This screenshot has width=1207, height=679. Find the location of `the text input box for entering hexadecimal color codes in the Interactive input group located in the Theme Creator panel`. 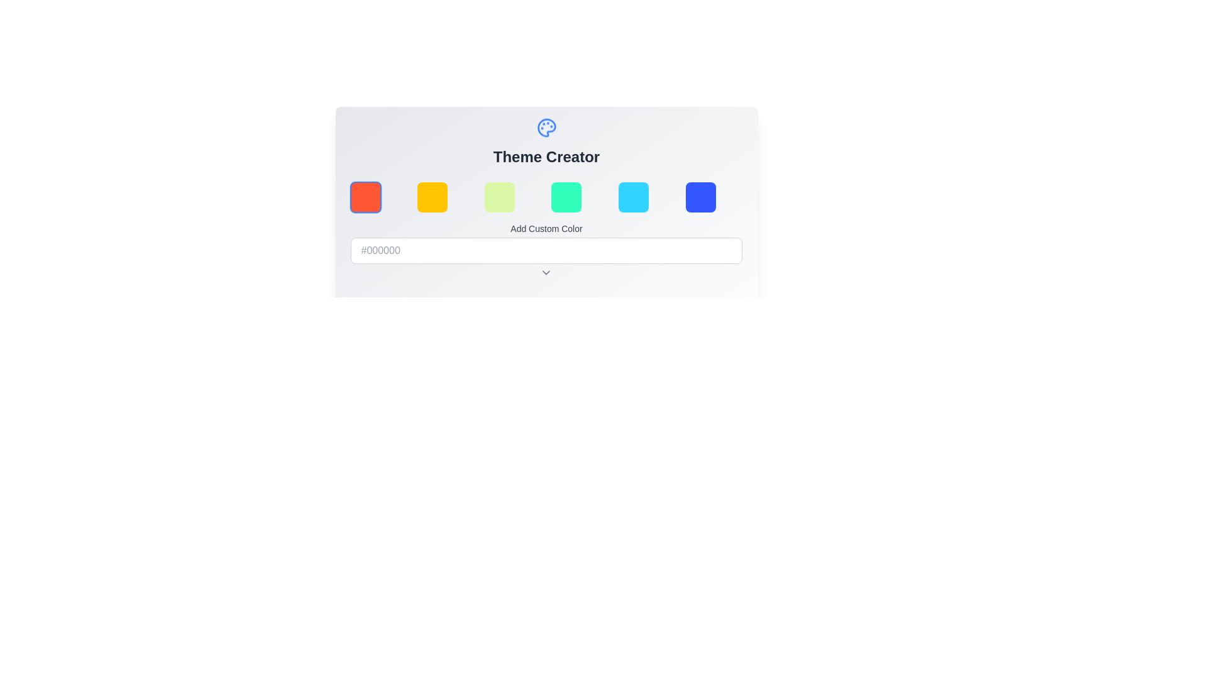

the text input box for entering hexadecimal color codes in the Interactive input group located in the Theme Creator panel is located at coordinates (546, 240).